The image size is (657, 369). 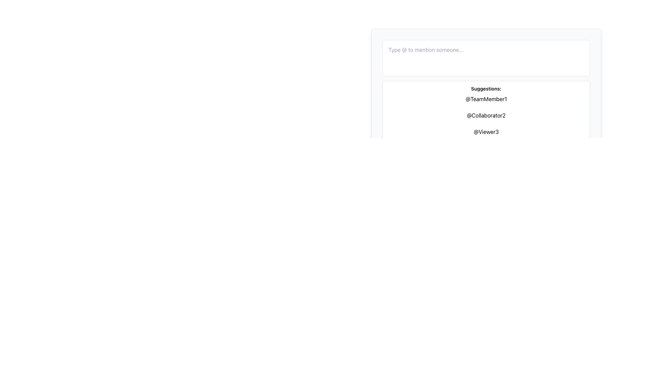 I want to click on the selectable list item displaying the text '@Viewer3', so click(x=486, y=132).